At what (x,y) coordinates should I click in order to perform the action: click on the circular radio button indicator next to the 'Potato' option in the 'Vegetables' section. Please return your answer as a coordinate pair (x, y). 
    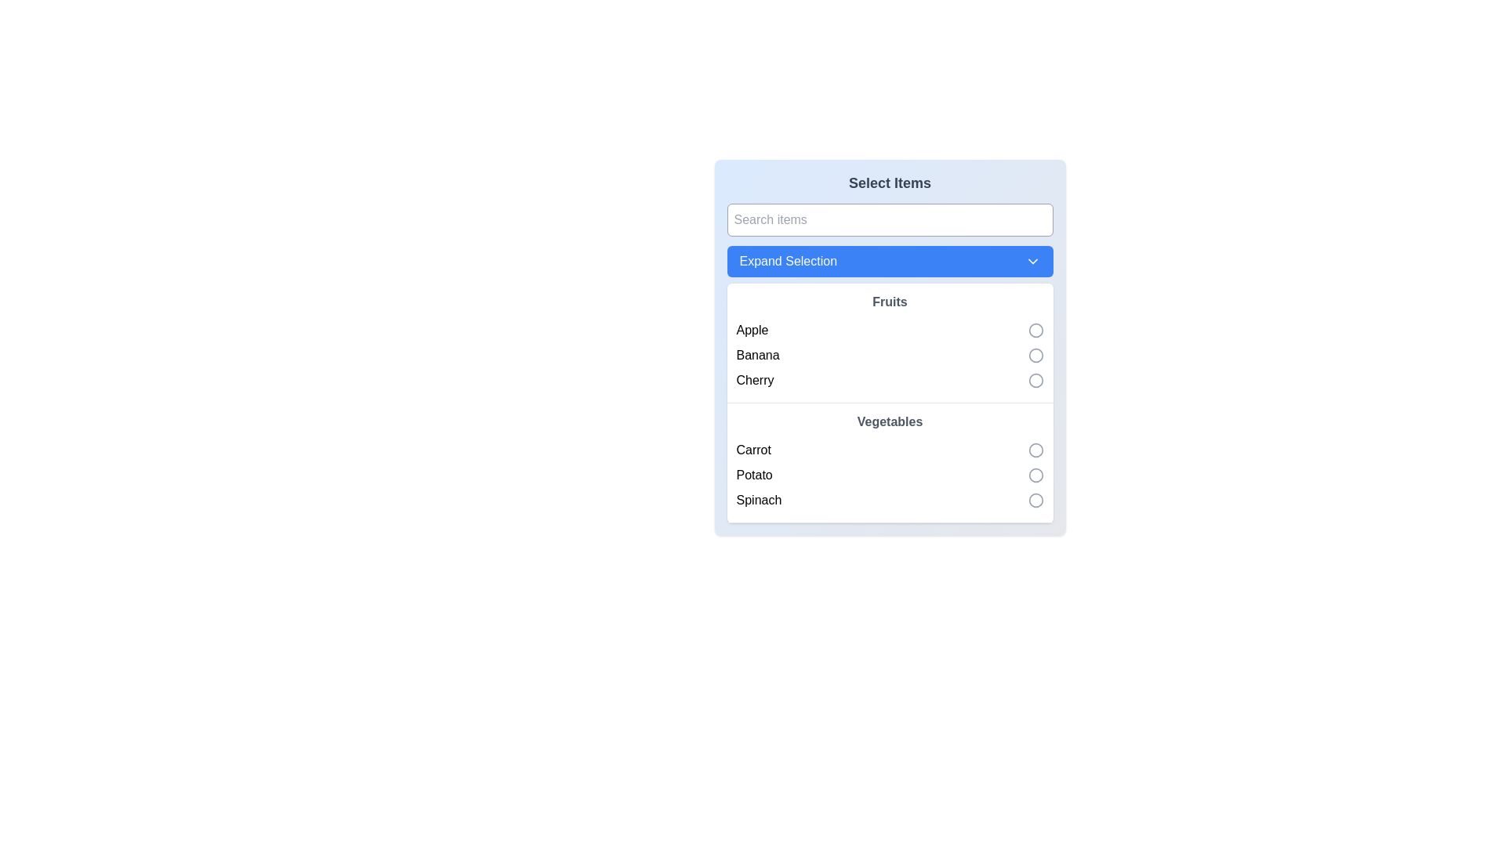
    Looking at the image, I should click on (1035, 474).